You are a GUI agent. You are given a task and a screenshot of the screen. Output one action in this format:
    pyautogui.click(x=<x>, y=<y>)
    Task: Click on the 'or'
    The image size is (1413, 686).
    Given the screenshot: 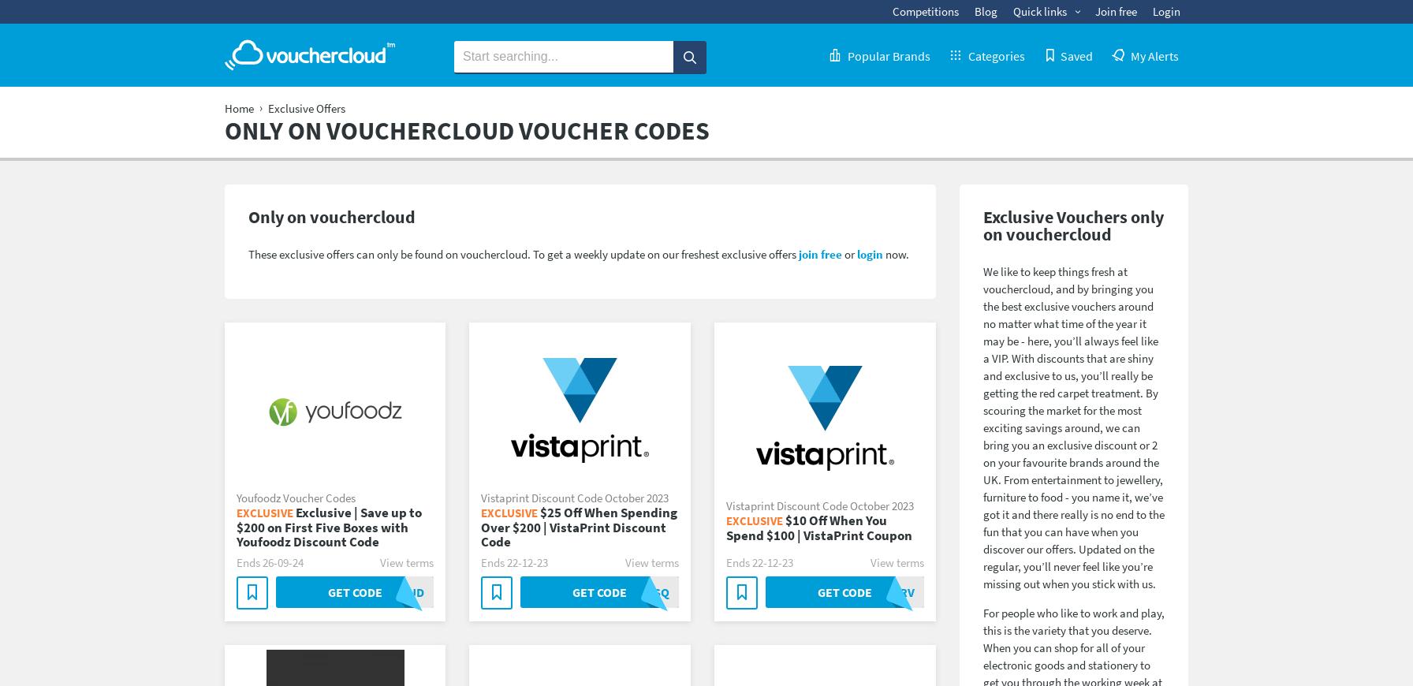 What is the action you would take?
    pyautogui.click(x=848, y=253)
    